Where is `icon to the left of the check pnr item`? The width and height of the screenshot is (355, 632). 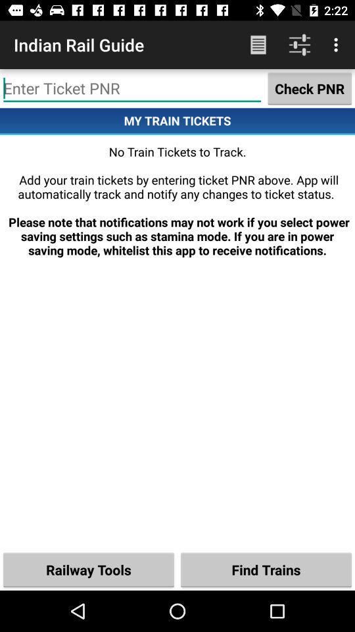 icon to the left of the check pnr item is located at coordinates (132, 88).